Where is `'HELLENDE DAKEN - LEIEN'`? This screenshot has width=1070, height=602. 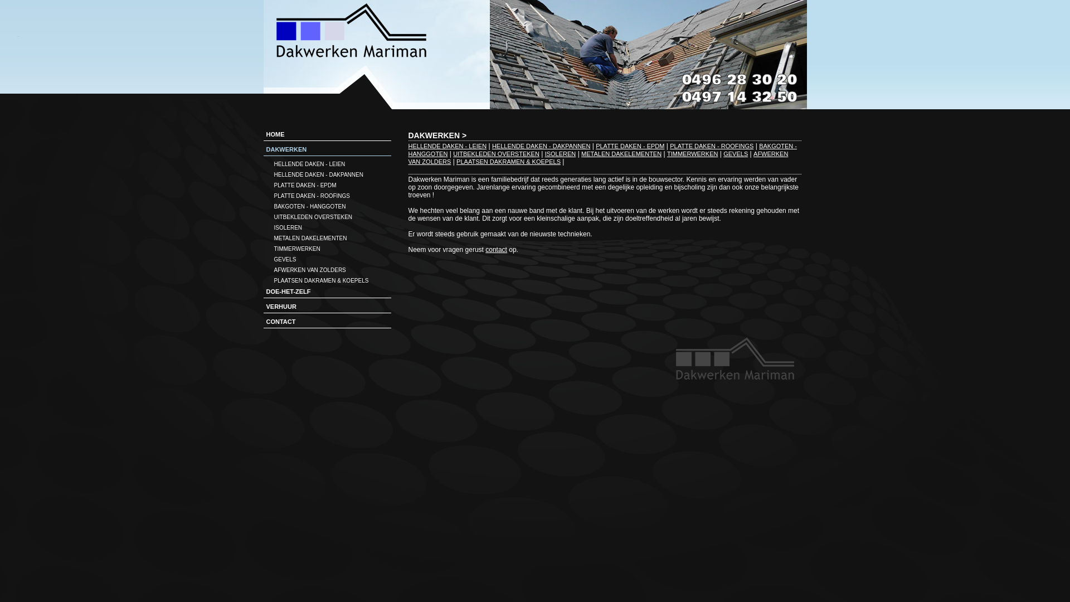
'HELLENDE DAKEN - LEIEN' is located at coordinates (324, 163).